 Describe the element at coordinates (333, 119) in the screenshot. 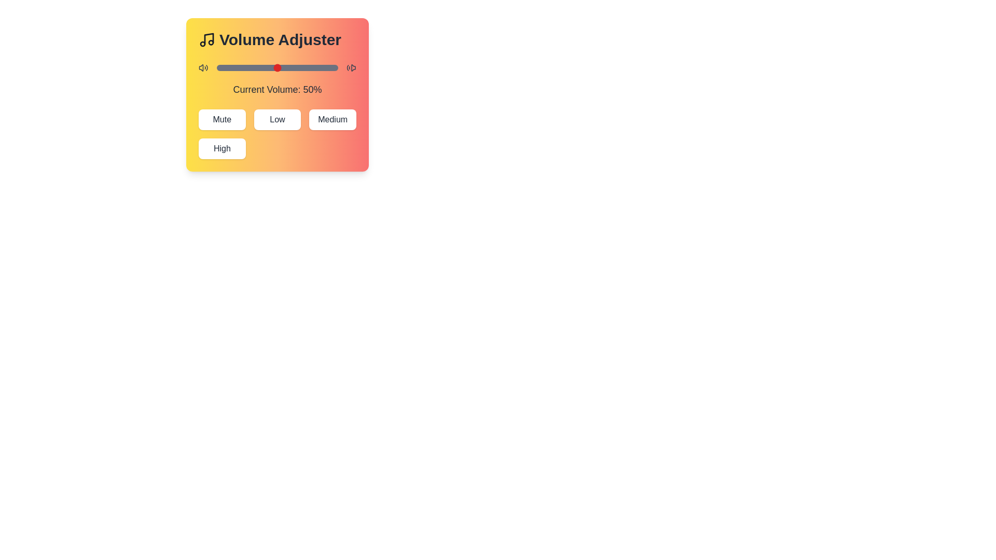

I see `the Medium button to set the volume to the corresponding preset level` at that location.